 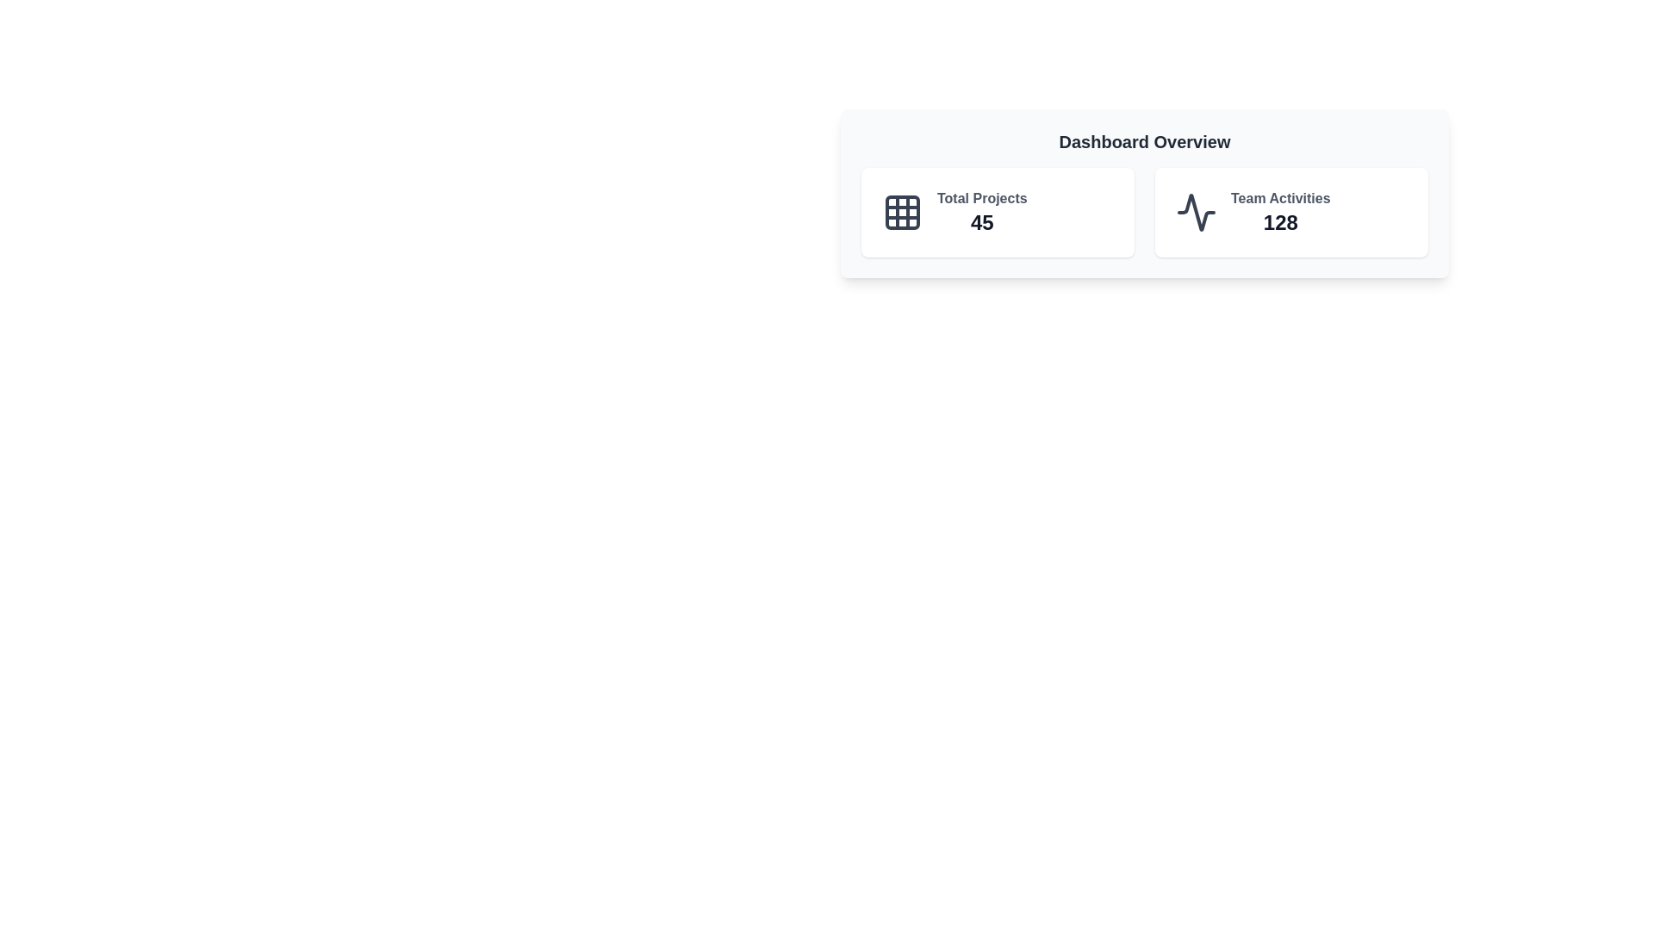 I want to click on the Overview Panel located below the title bar, which summarizes total projects and team activities, so click(x=1145, y=193).